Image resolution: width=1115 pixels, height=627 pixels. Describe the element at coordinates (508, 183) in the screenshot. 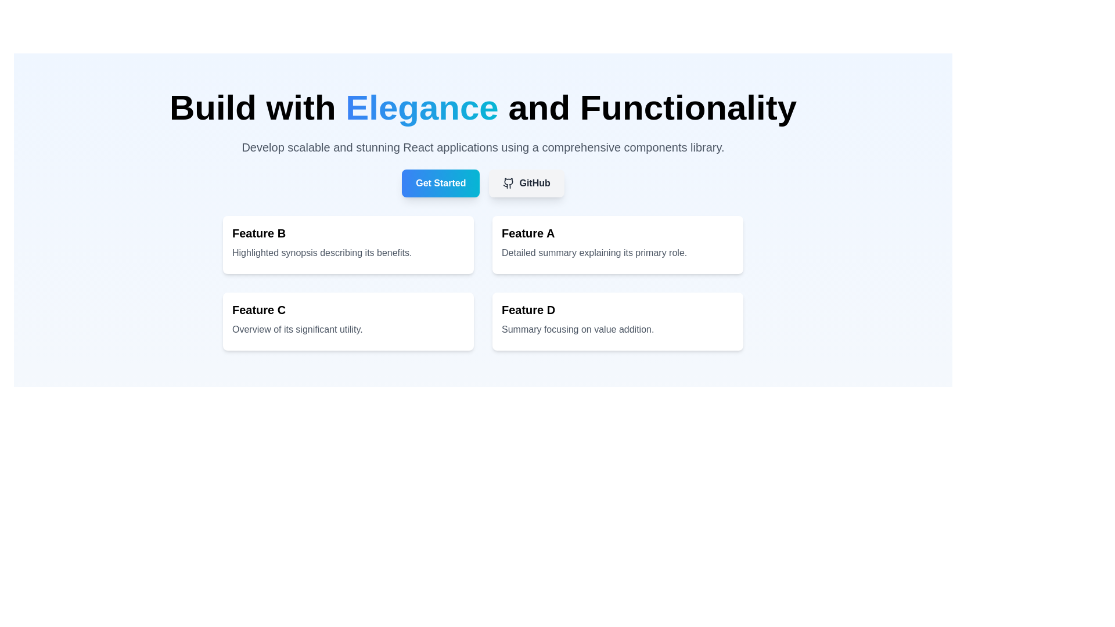

I see `the GitHub icon located near the top center of the interface, to the right of the blue 'Get Started' button` at that location.